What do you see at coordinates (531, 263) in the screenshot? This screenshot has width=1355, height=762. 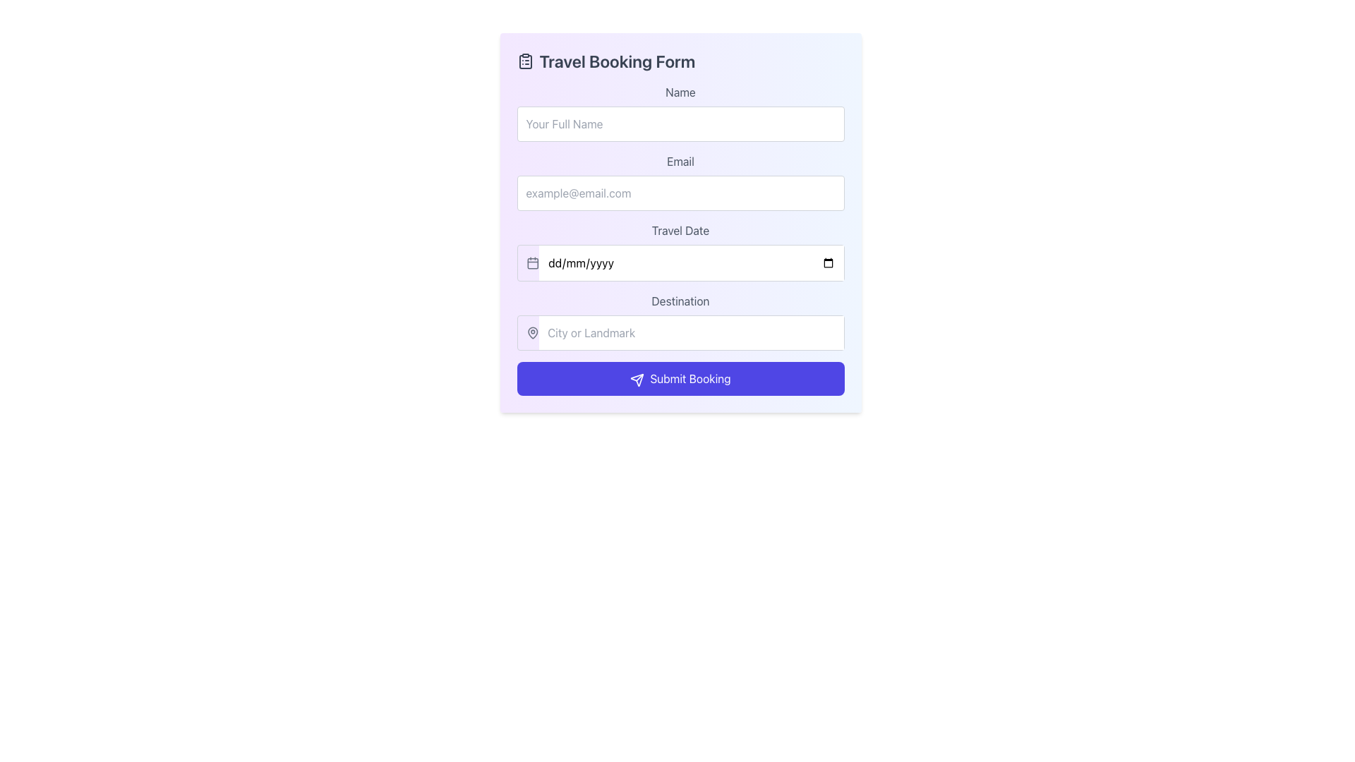 I see `the decorative graphic icon that is part of the calendar, located adjacent to the 'Travel Date' text label` at bounding box center [531, 263].